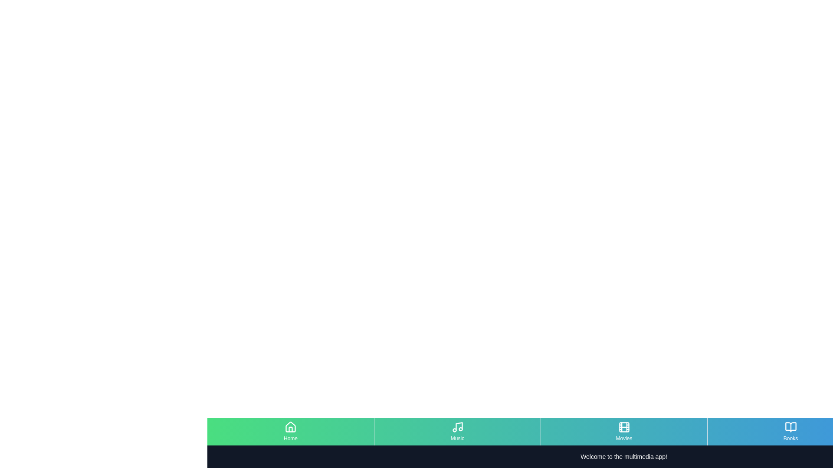 This screenshot has width=833, height=468. I want to click on the menu item Movies to navigate to its content, so click(623, 431).